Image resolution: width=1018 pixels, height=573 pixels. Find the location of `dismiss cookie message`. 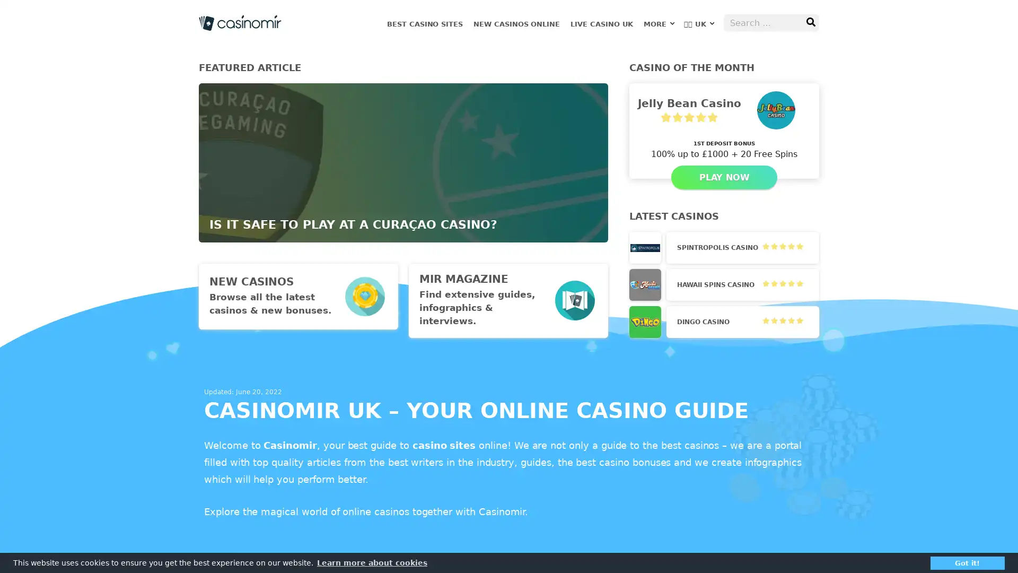

dismiss cookie message is located at coordinates (967, 562).